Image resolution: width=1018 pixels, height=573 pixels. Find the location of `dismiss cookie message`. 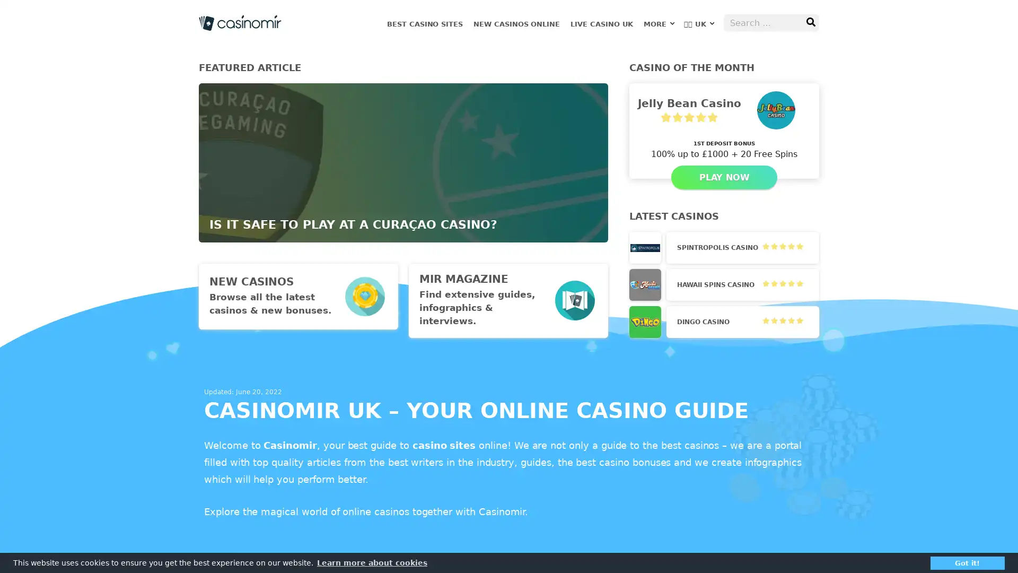

dismiss cookie message is located at coordinates (967, 562).